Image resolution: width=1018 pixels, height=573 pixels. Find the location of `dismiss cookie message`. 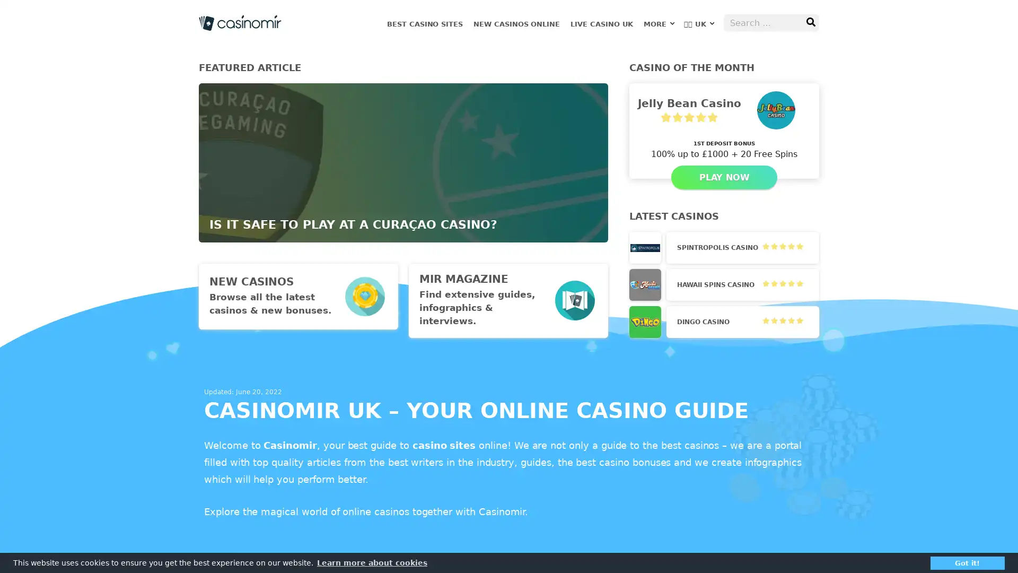

dismiss cookie message is located at coordinates (967, 562).